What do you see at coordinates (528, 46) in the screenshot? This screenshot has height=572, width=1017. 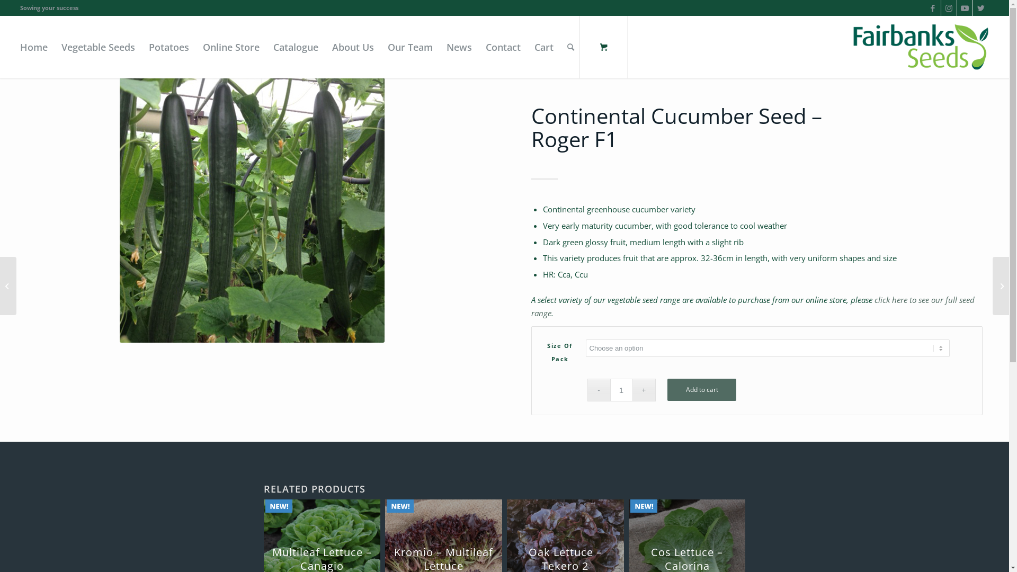 I see `'Cart'` at bounding box center [528, 46].